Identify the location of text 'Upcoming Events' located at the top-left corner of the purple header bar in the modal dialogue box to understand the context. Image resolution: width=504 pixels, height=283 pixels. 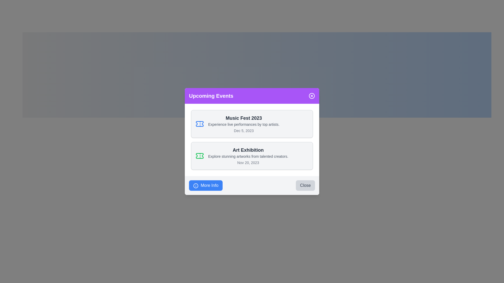
(211, 96).